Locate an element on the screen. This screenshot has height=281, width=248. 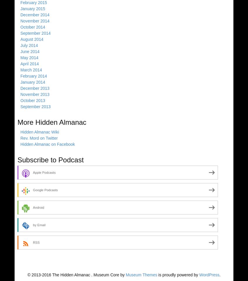
'Google Podcasts' is located at coordinates (32, 189).